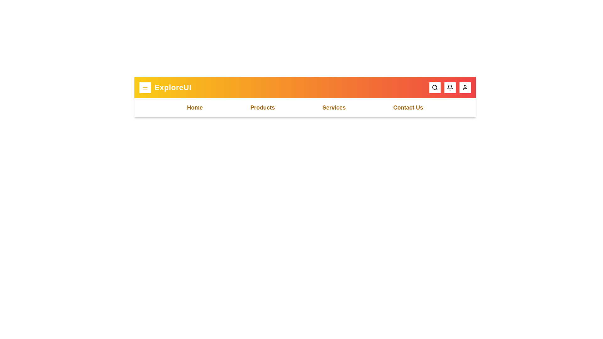 This screenshot has width=603, height=339. Describe the element at coordinates (435, 87) in the screenshot. I see `the search button to activate the search functionality` at that location.